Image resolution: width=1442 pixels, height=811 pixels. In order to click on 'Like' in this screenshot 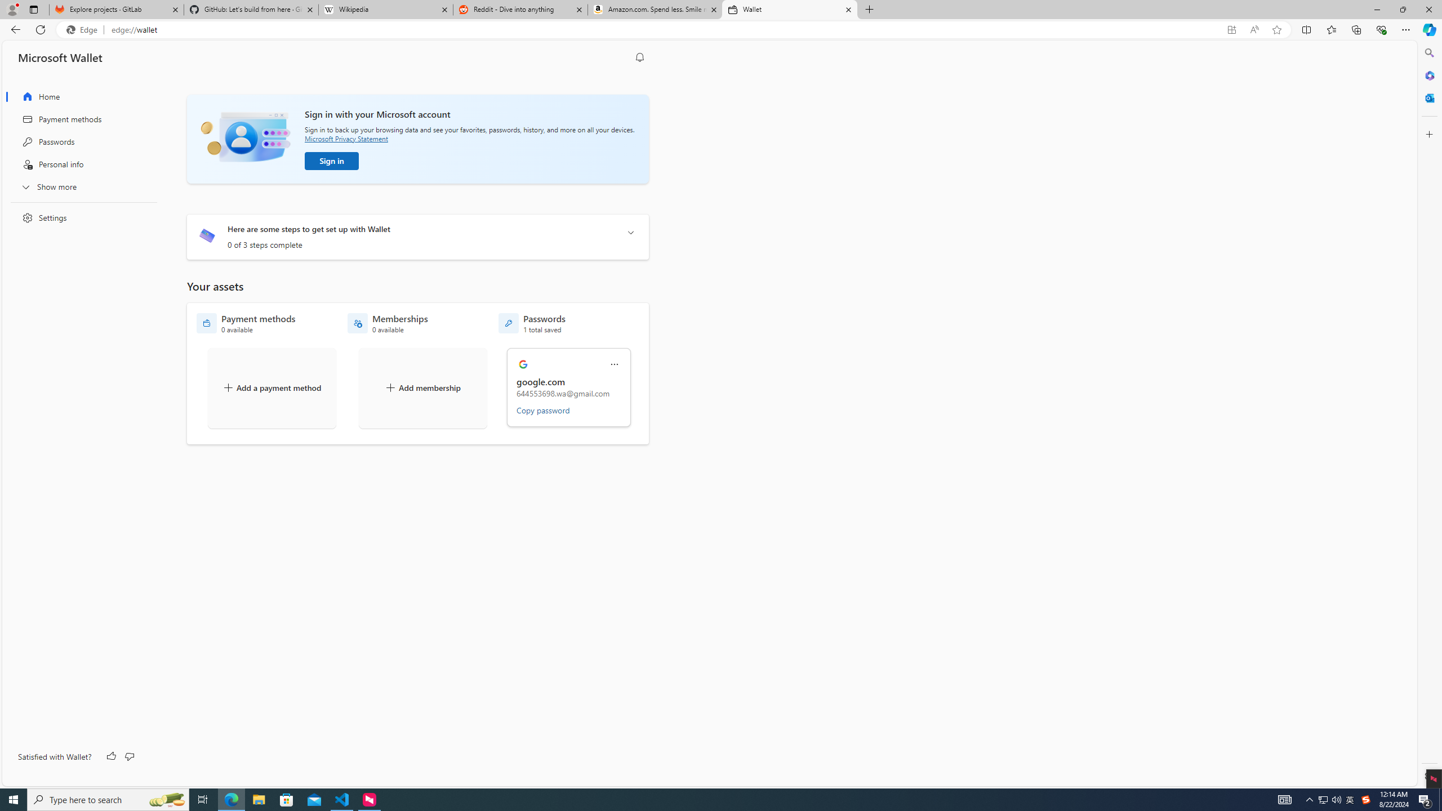, I will do `click(111, 756)`.